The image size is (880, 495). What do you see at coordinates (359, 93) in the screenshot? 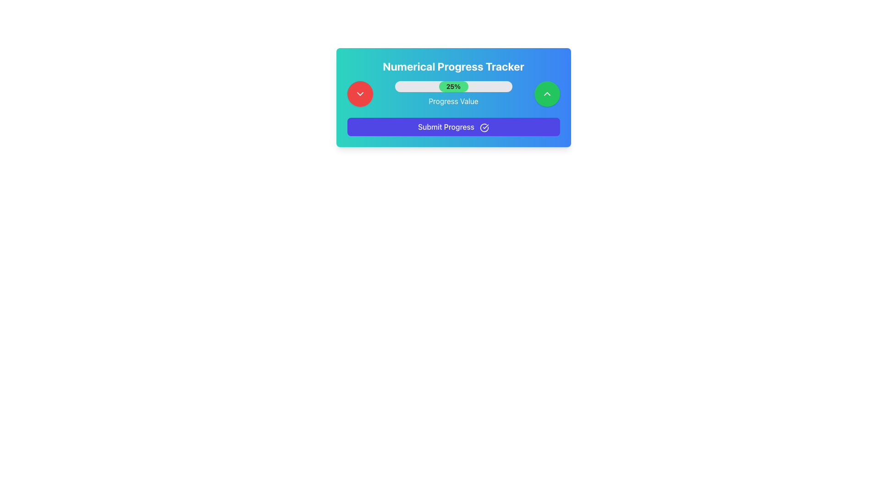
I see `the circular red button with a downward-pointing chevron icon` at bounding box center [359, 93].